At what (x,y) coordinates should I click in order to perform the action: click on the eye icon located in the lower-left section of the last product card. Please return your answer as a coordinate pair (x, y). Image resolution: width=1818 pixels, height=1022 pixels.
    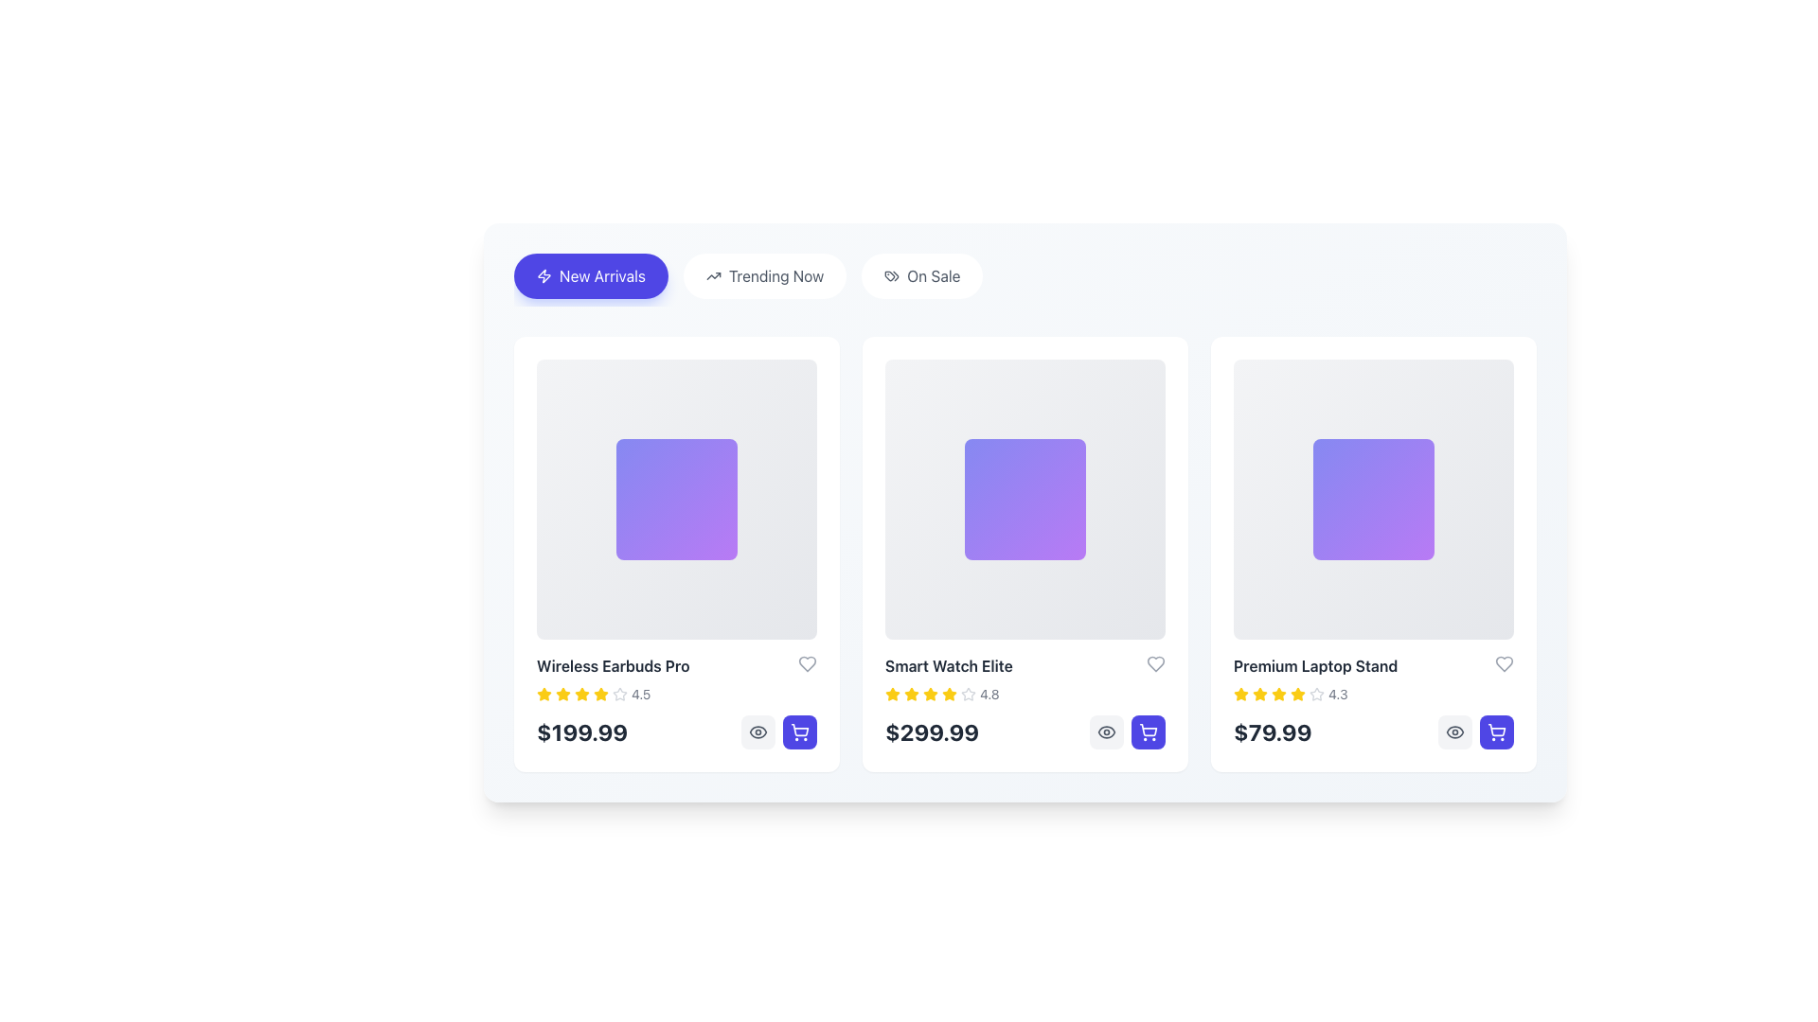
    Looking at the image, I should click on (1453, 731).